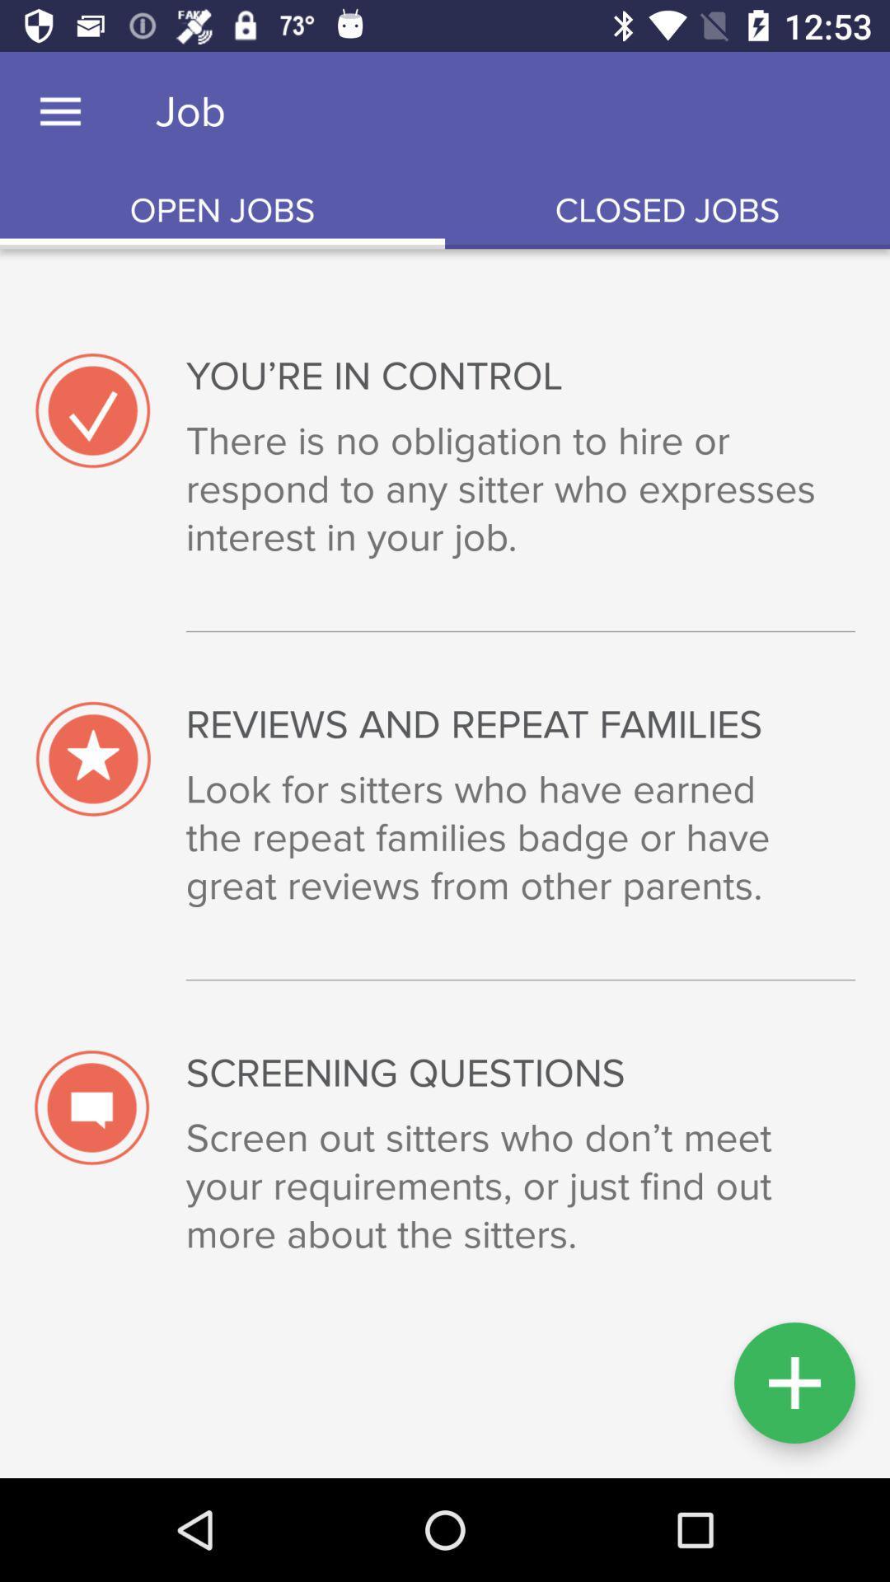  I want to click on item at the top right corner, so click(667, 210).